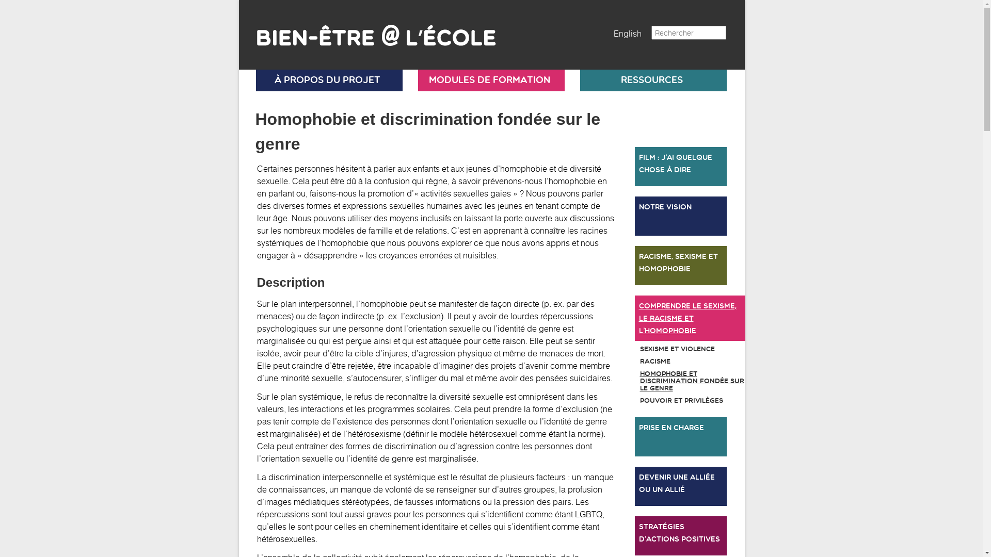 This screenshot has width=991, height=557. I want to click on 'Racisme', so click(681, 361).